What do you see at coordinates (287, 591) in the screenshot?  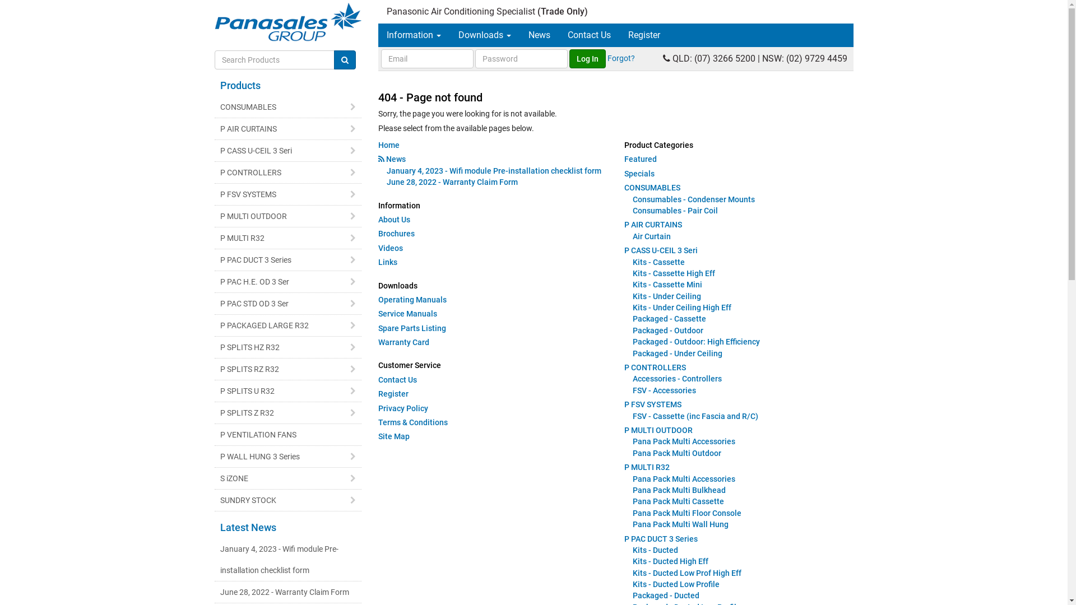 I see `'June 28, 2022 - Warranty Claim Form'` at bounding box center [287, 591].